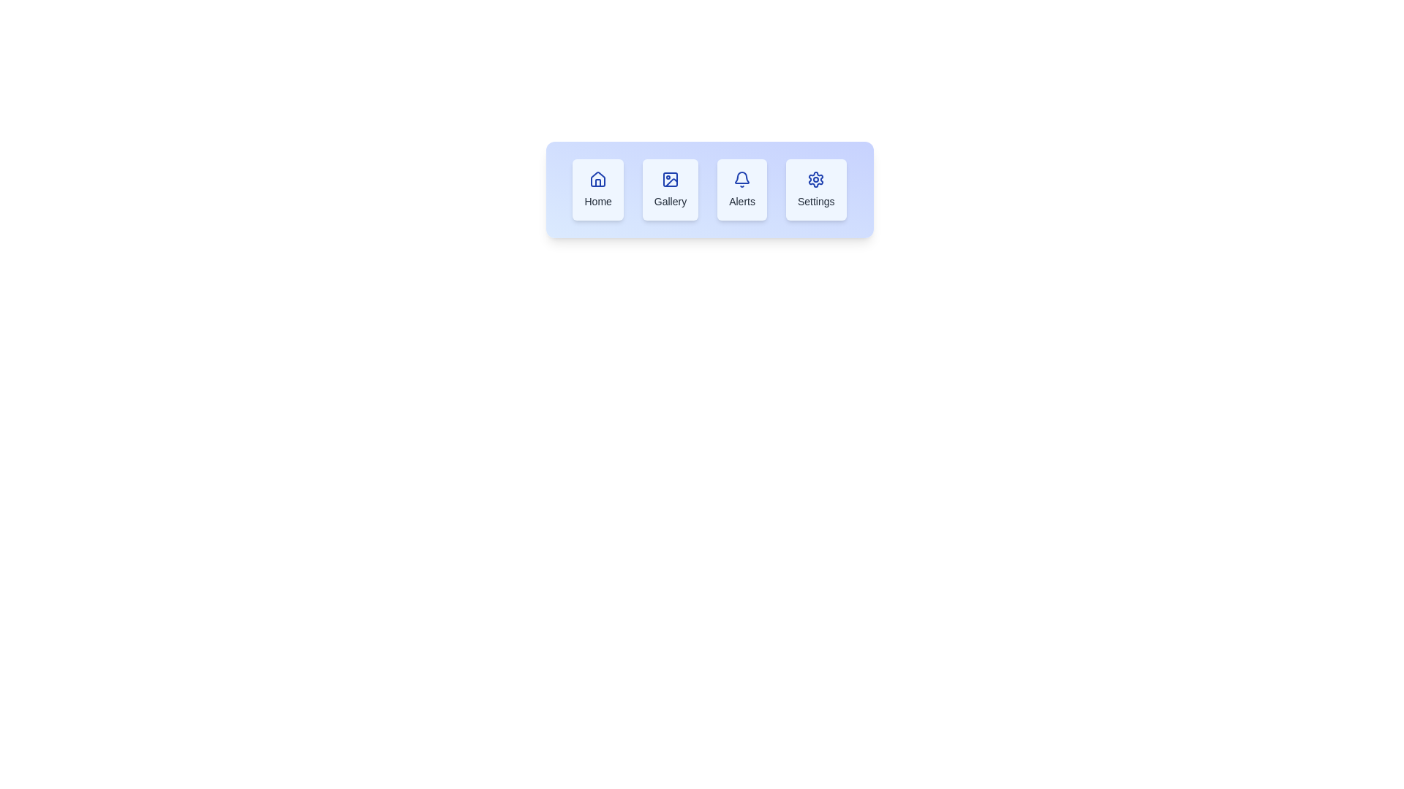  Describe the element at coordinates (669, 179) in the screenshot. I see `the Decorative SVG square shape that is part of the 'Gallery' icon, the second icon from the left in a row of four icons` at that location.